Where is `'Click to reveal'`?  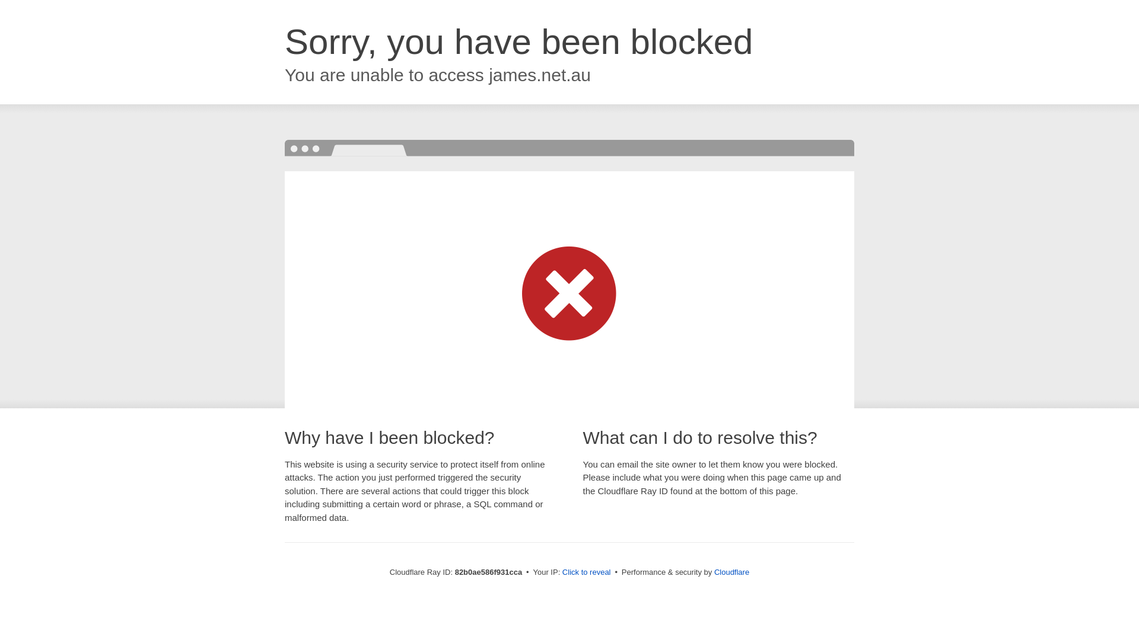 'Click to reveal' is located at coordinates (586, 571).